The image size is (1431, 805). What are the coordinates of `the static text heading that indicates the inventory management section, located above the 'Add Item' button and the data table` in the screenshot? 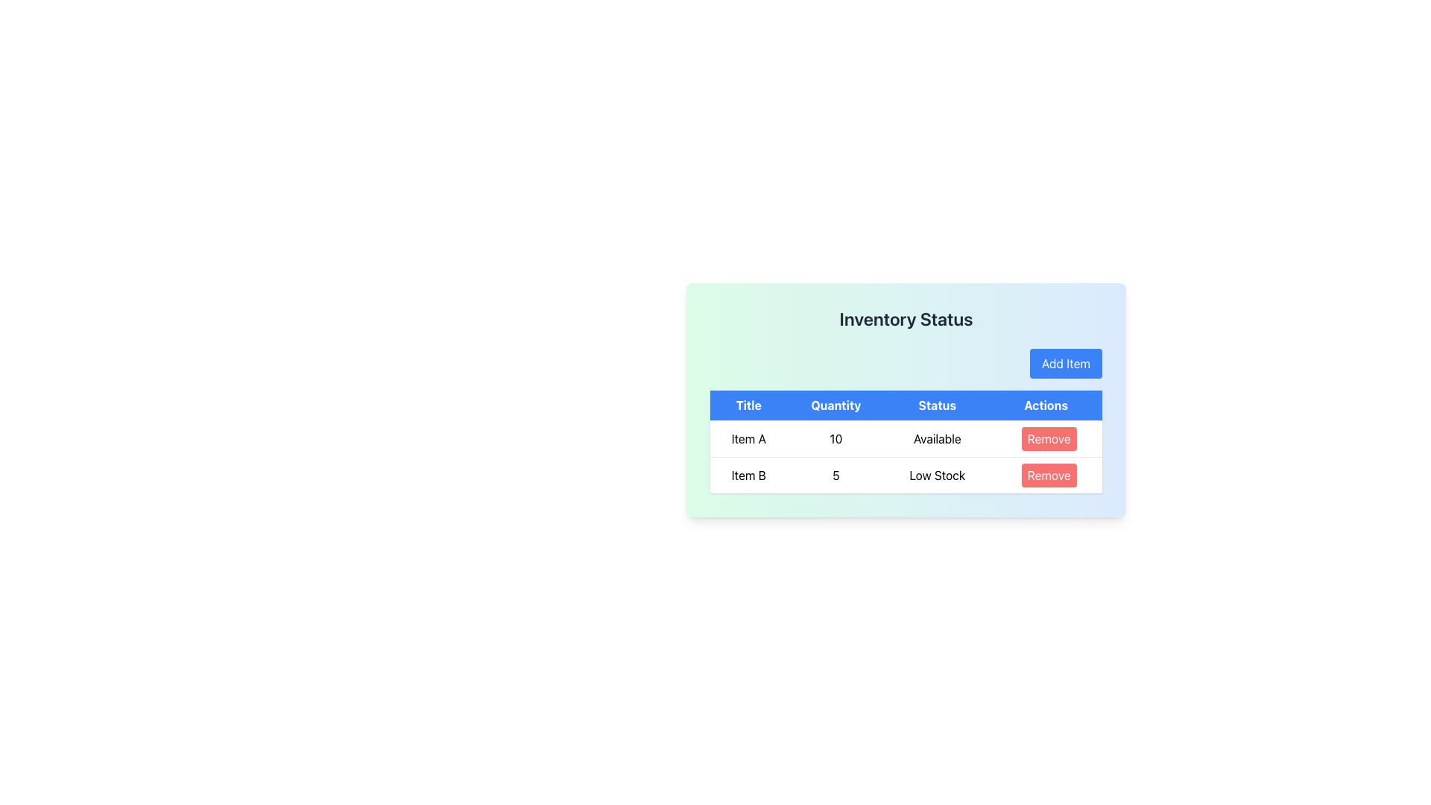 It's located at (905, 318).